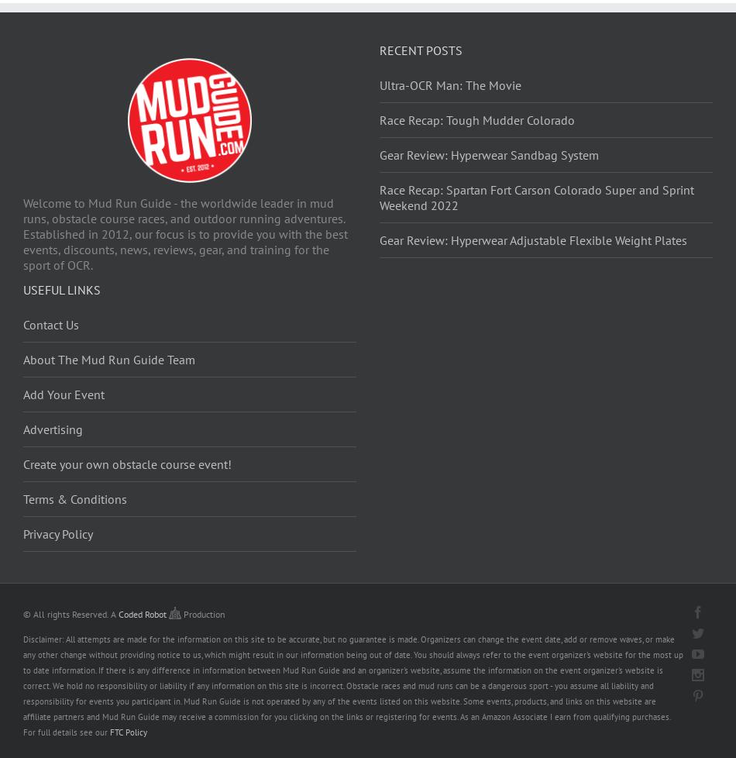  Describe the element at coordinates (533, 239) in the screenshot. I see `'Gear Review: Hyperwear Adjustable Flexible Weight Plates'` at that location.